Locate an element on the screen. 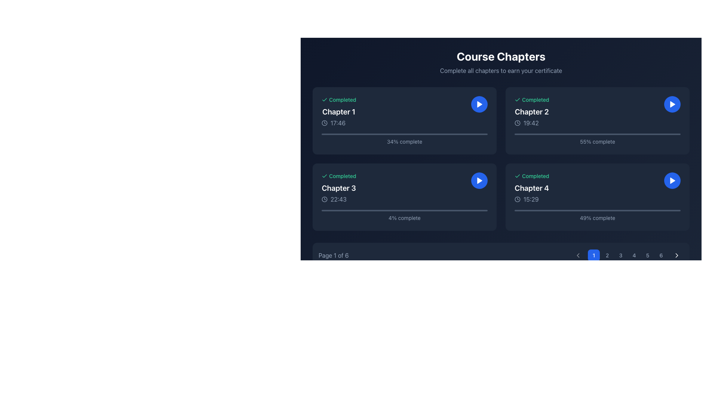 The image size is (718, 404). the progress bar located below the completion percentage text ('34% complete') in the card displaying 'Chapter 1' is located at coordinates (404, 134).